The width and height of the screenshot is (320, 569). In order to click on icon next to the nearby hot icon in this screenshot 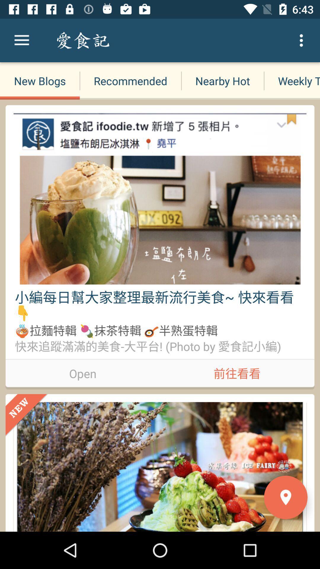, I will do `click(130, 81)`.